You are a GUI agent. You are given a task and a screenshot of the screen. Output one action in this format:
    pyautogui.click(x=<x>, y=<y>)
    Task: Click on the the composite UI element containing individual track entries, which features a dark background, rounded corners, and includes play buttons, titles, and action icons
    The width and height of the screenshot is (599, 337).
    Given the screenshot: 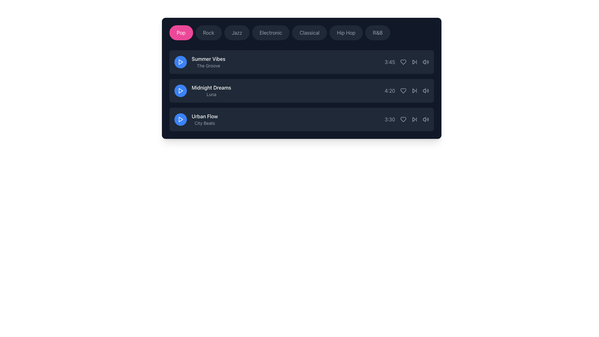 What is the action you would take?
    pyautogui.click(x=301, y=78)
    